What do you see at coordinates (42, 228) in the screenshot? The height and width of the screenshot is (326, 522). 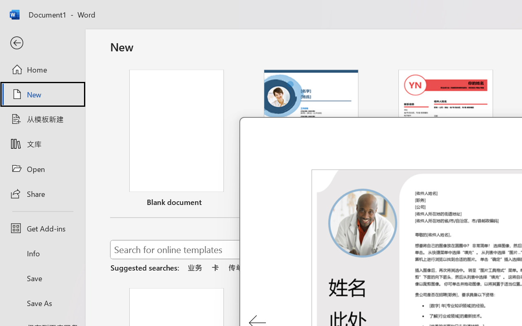 I see `'Get Add-ins'` at bounding box center [42, 228].